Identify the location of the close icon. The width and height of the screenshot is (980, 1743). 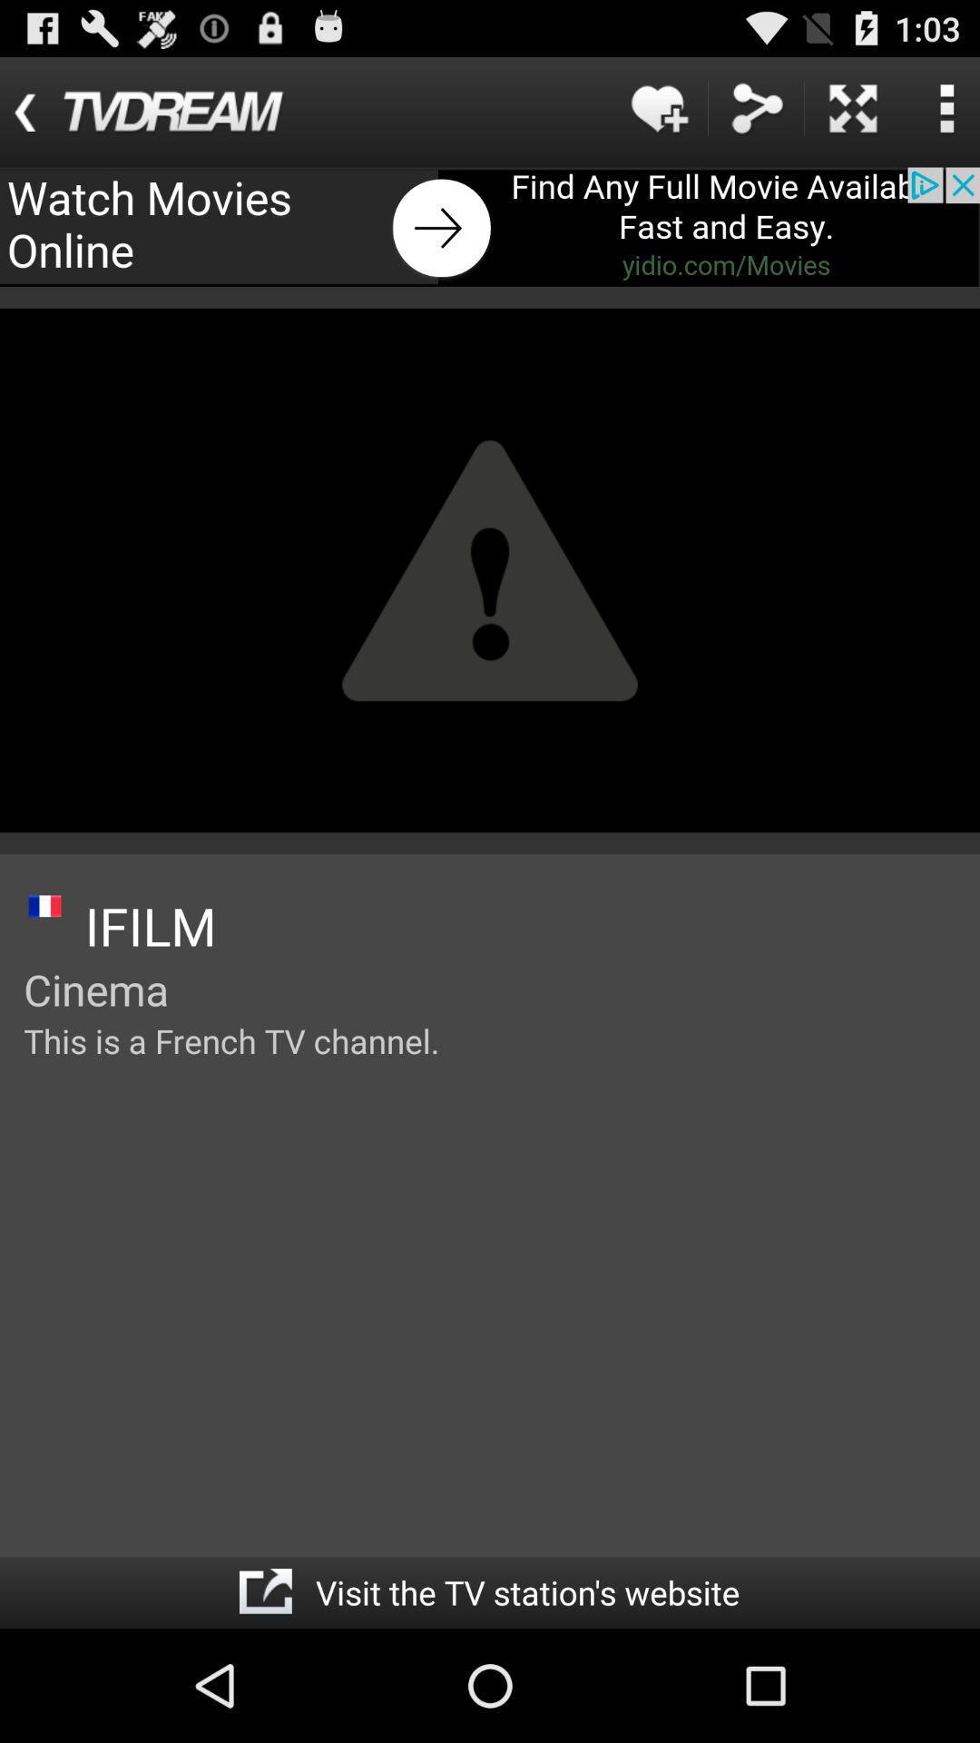
(853, 115).